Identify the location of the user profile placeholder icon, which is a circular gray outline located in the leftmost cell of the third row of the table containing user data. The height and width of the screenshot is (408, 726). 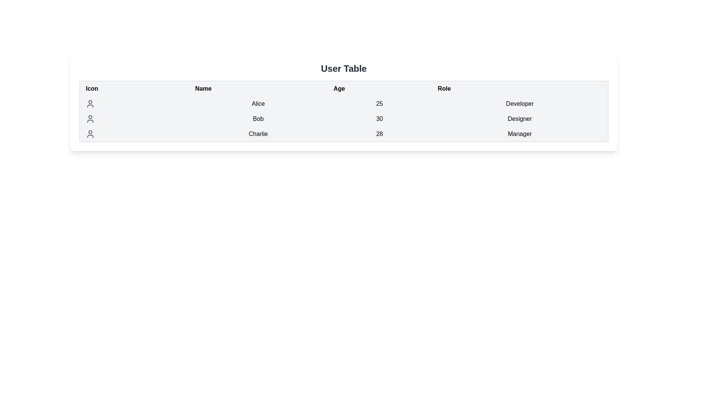
(90, 133).